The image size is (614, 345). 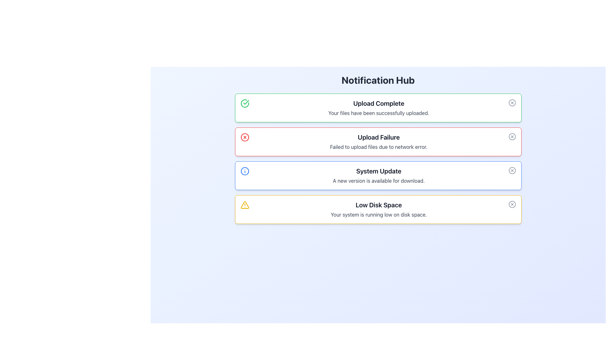 I want to click on the Textual Notification indicating low disk space, which is the fourth notification card in the list, positioned beneath the 'System Update' notification, so click(x=379, y=209).